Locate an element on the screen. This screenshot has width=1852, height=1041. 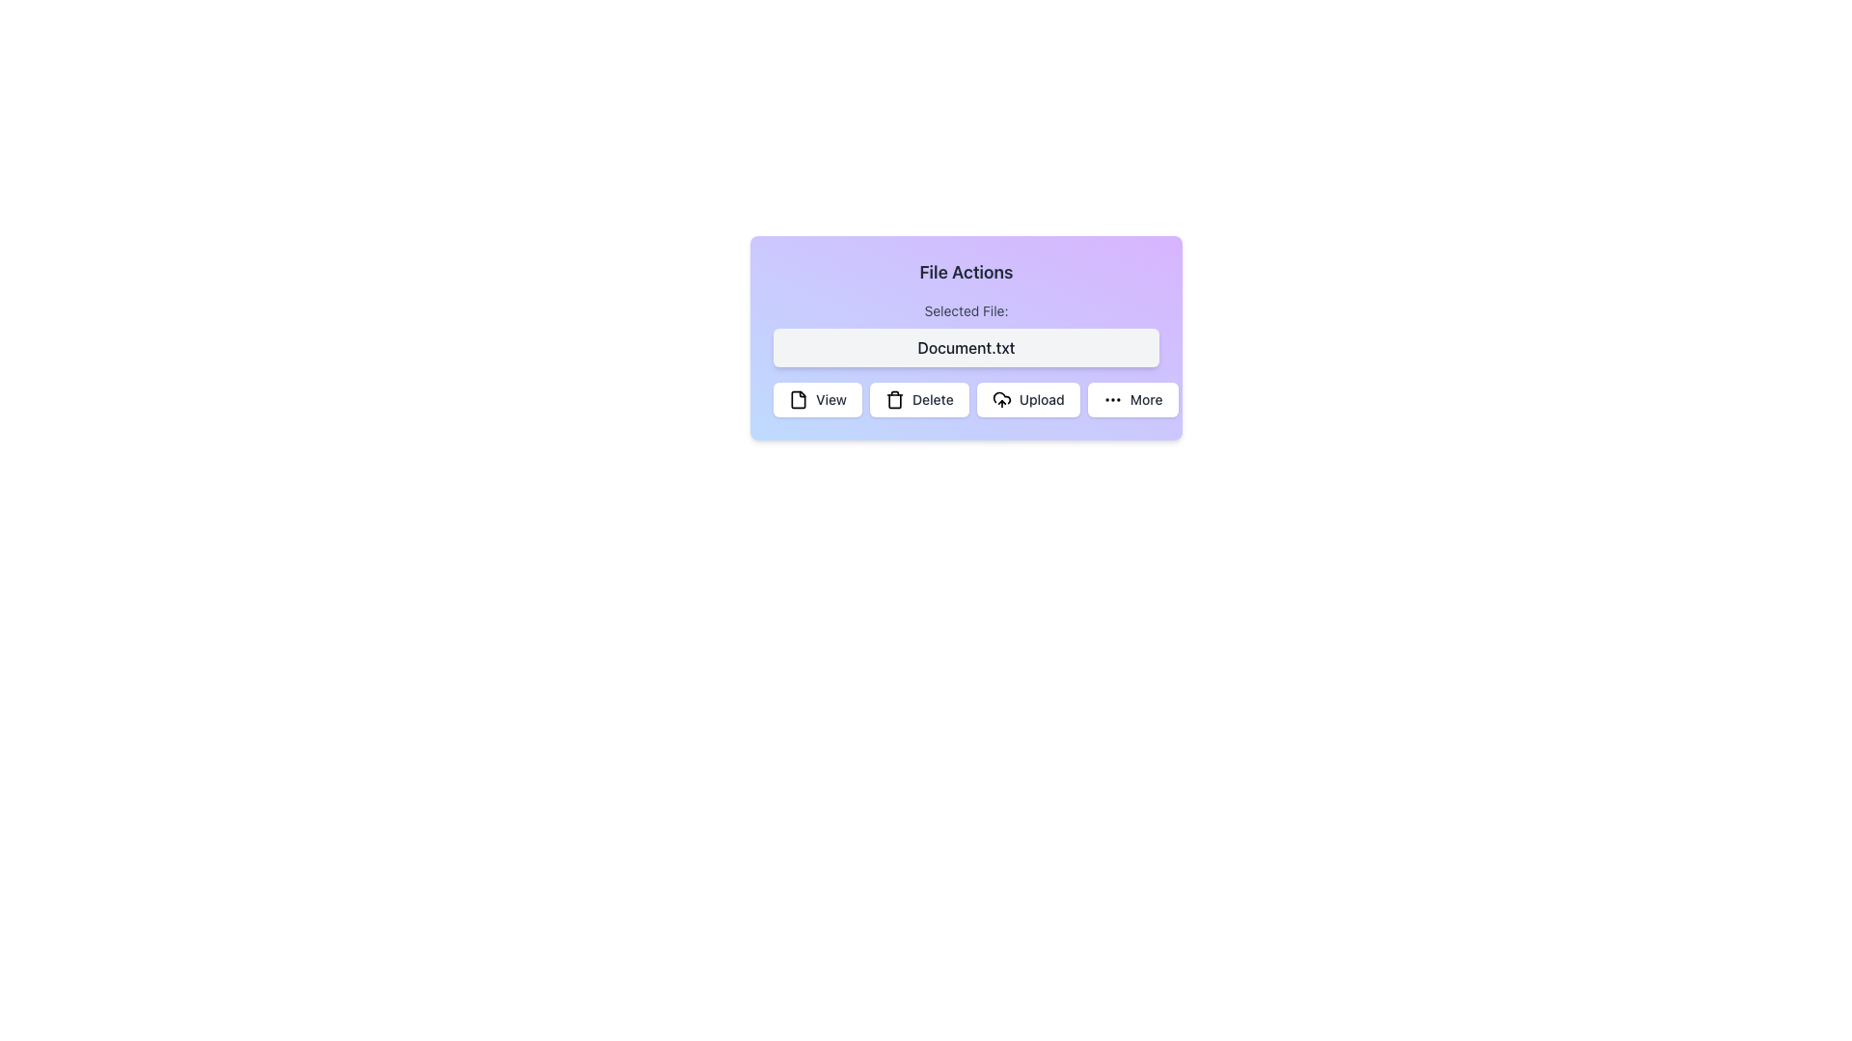
the upload icon located within the 'Upload' button, which is the third button in the row of action buttons at the bottom of the 'File Actions' dialog box is located at coordinates (1000, 396).